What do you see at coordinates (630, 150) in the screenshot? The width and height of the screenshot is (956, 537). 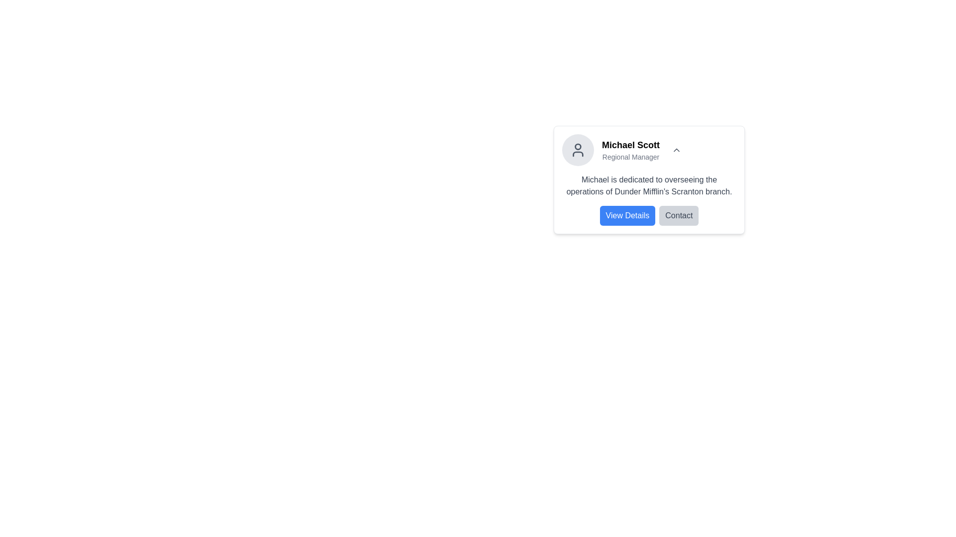 I see `the compound text display element that shows the user's name and position, located at the upper section of the card interface to the right of the user avatar` at bounding box center [630, 150].